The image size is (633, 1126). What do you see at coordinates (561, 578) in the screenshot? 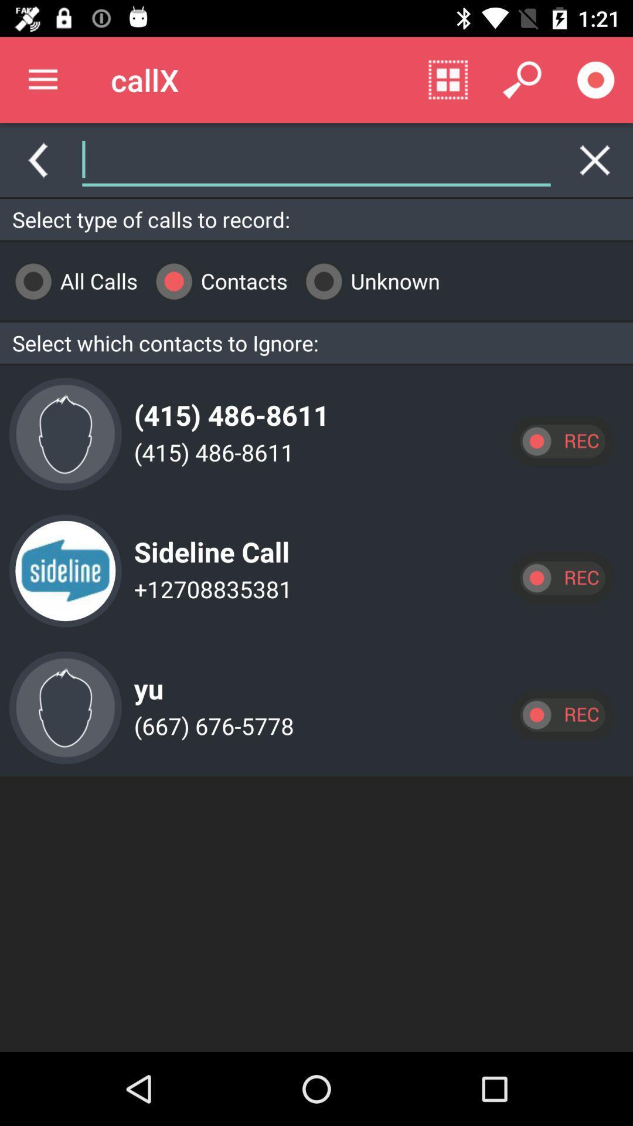
I see `start recording` at bounding box center [561, 578].